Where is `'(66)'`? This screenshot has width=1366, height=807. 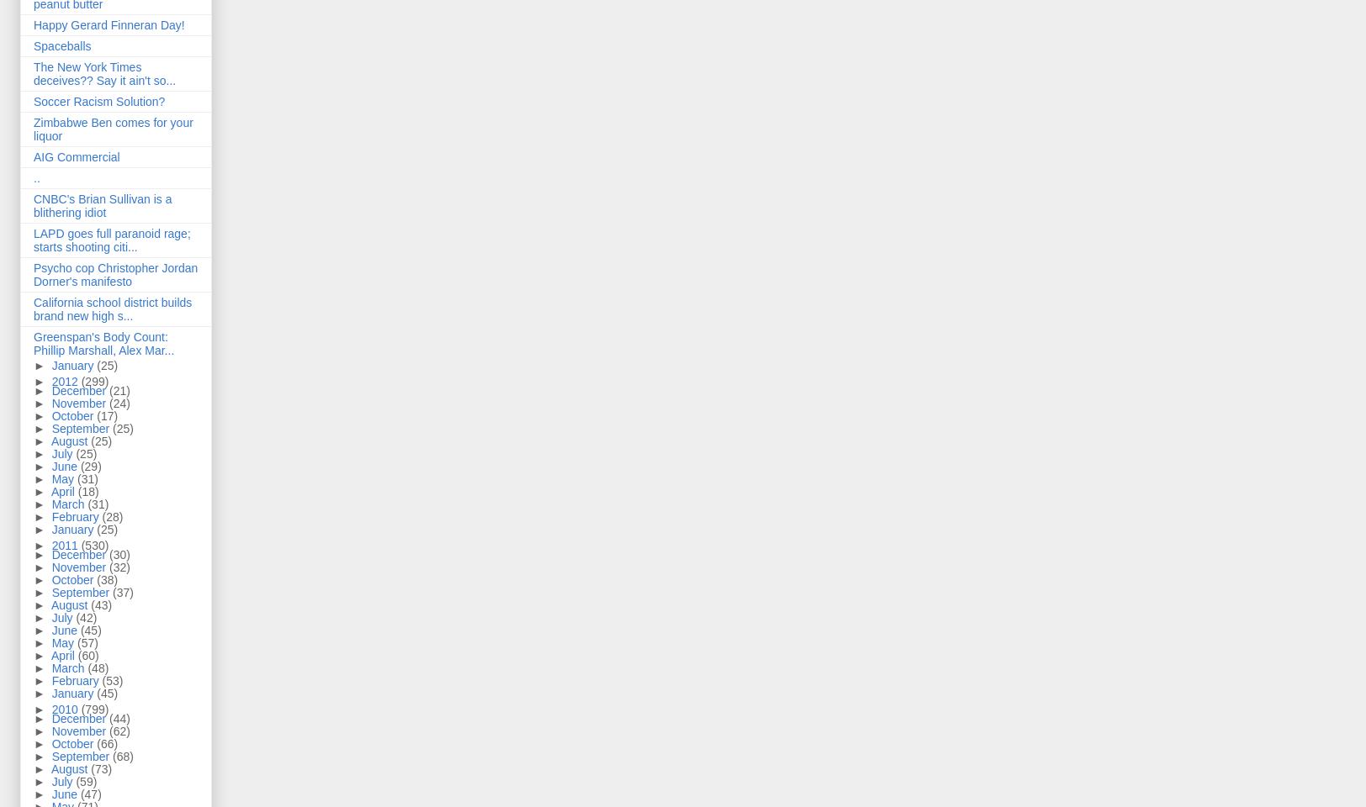 '(66)' is located at coordinates (107, 743).